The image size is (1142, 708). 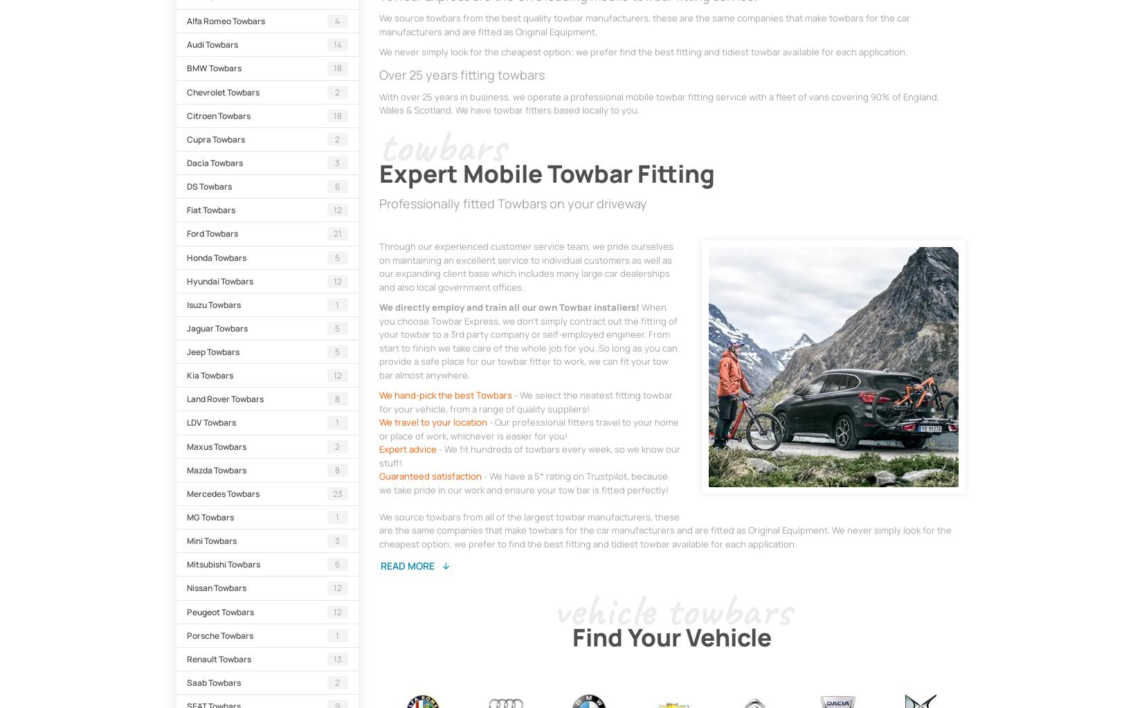 What do you see at coordinates (209, 186) in the screenshot?
I see `'DS Towbars'` at bounding box center [209, 186].